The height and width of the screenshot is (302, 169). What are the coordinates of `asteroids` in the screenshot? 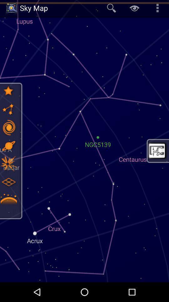 It's located at (8, 200).